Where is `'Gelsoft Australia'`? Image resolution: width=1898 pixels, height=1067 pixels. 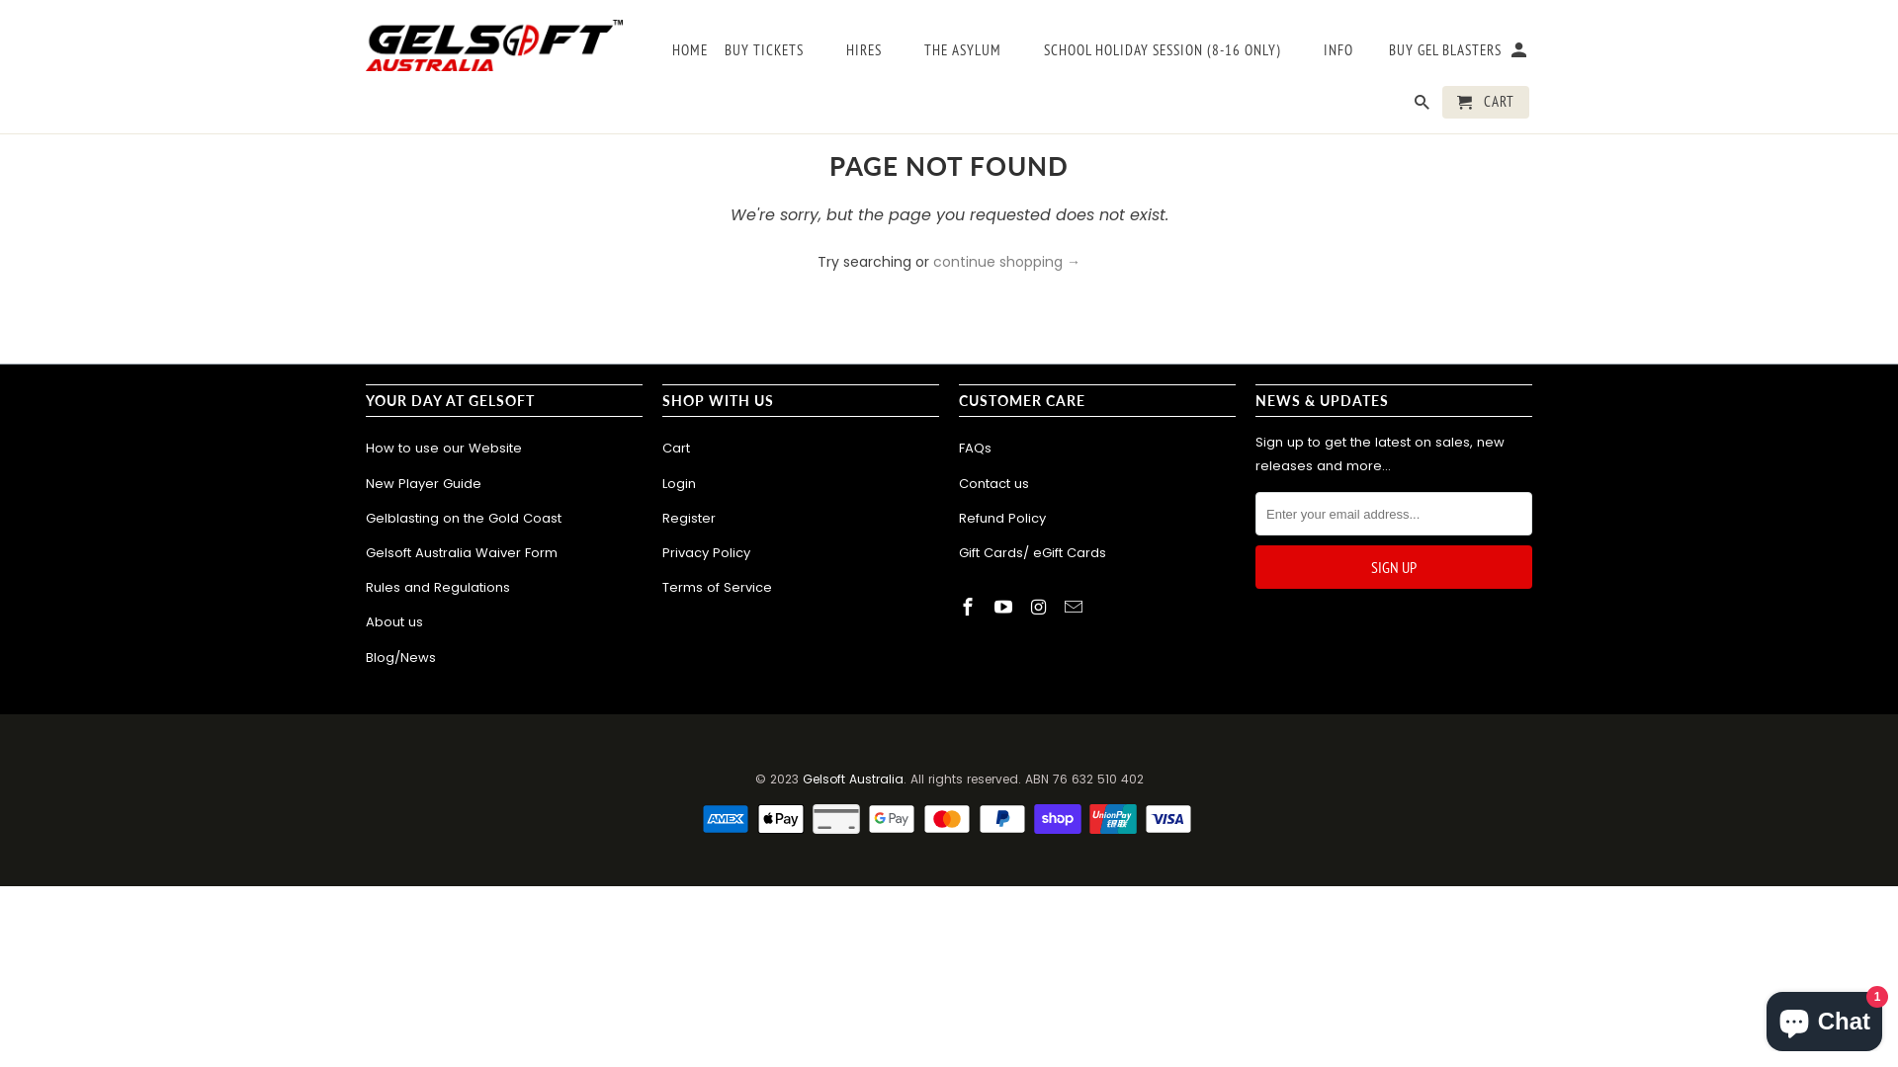 'Gelsoft Australia' is located at coordinates (853, 778).